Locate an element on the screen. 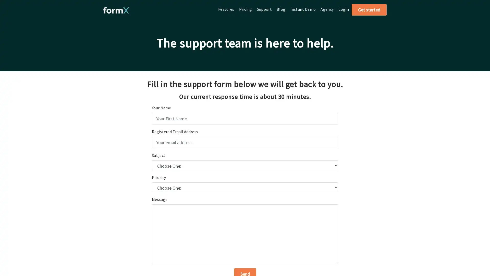  Get started is located at coordinates (369, 10).